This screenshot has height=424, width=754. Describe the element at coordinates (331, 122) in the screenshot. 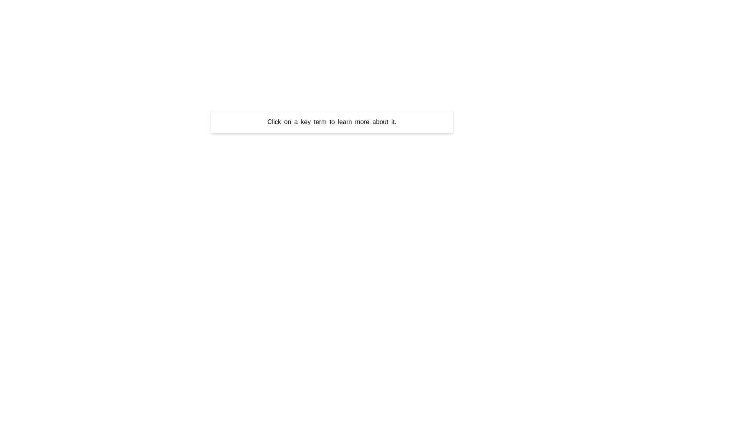

I see `the instructional Text Label that provides guidance to the user about interacting with key terms for more details` at that location.